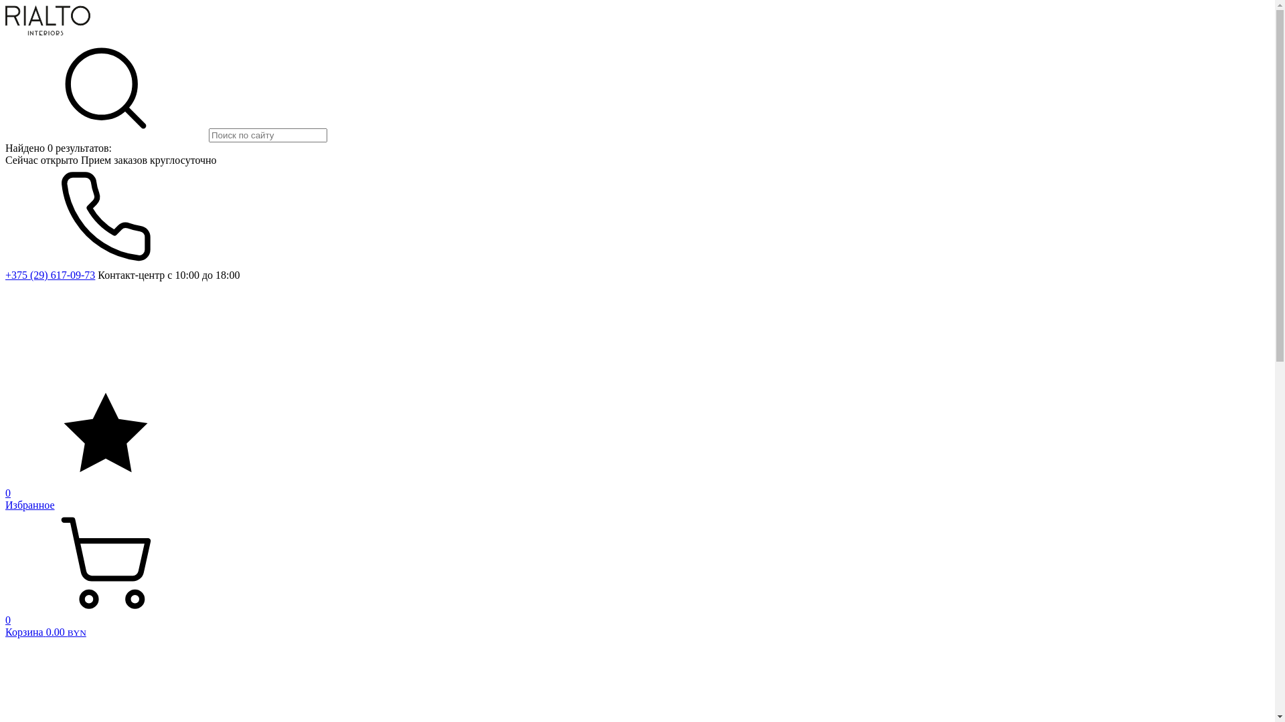 The height and width of the screenshot is (722, 1285). What do you see at coordinates (50, 274) in the screenshot?
I see `'+375 (29) 617-09-73'` at bounding box center [50, 274].